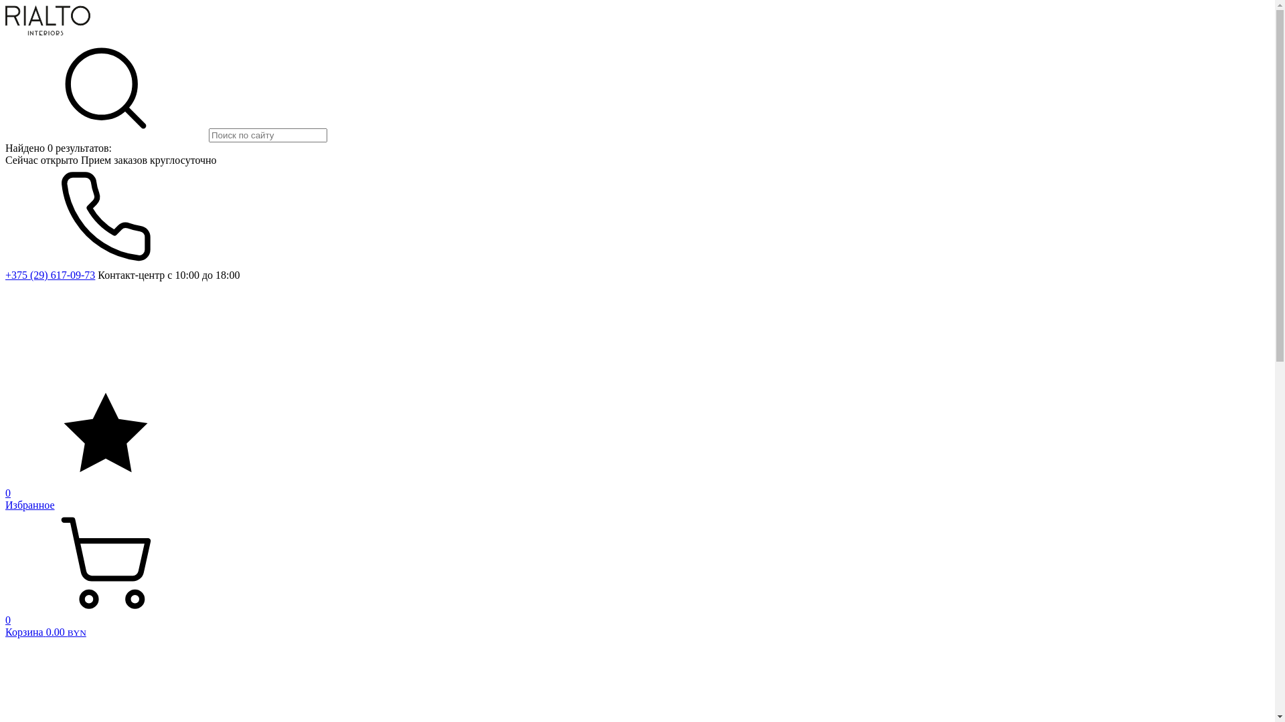 The height and width of the screenshot is (722, 1285). What do you see at coordinates (50, 274) in the screenshot?
I see `'+375 (29) 617-09-73'` at bounding box center [50, 274].